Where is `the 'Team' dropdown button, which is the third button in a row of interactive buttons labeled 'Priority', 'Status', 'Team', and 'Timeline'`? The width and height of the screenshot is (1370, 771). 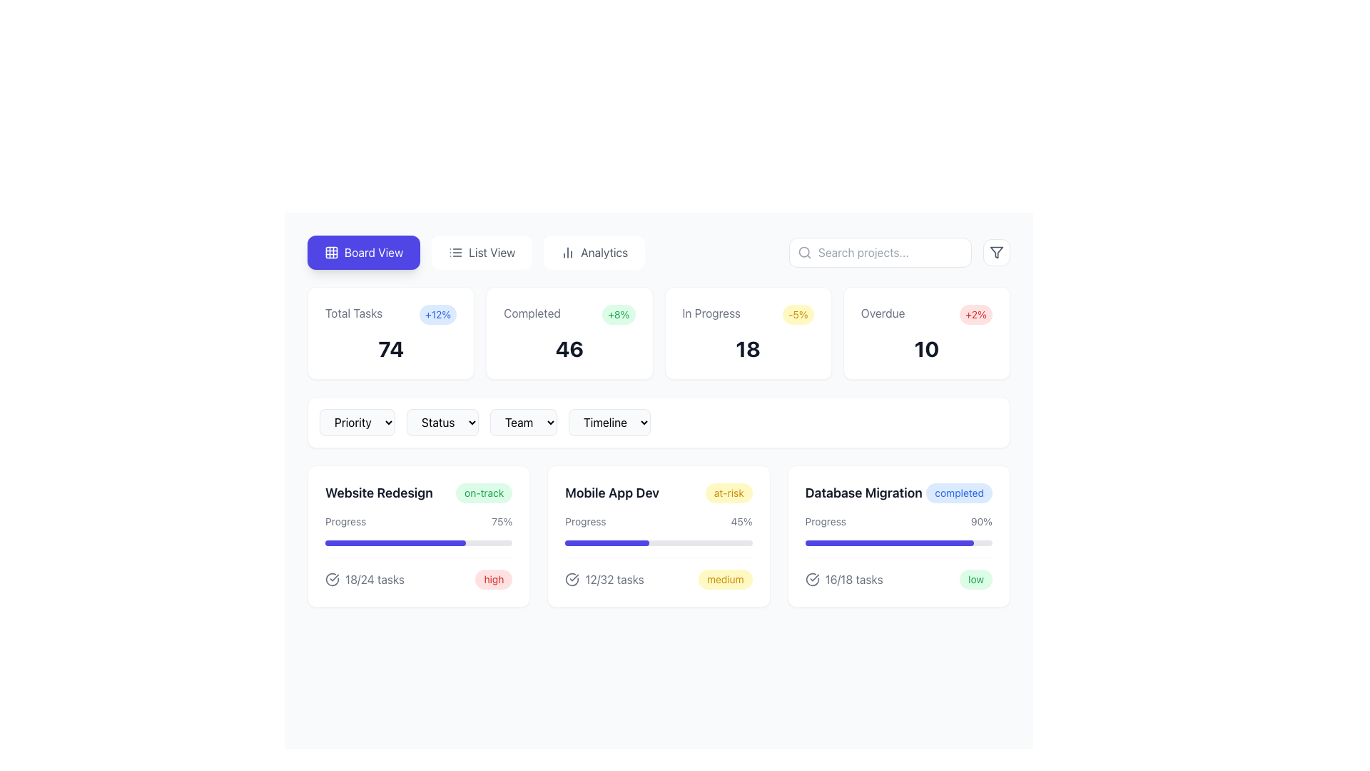
the 'Team' dropdown button, which is the third button in a row of interactive buttons labeled 'Priority', 'Status', 'Team', and 'Timeline' is located at coordinates (523, 421).